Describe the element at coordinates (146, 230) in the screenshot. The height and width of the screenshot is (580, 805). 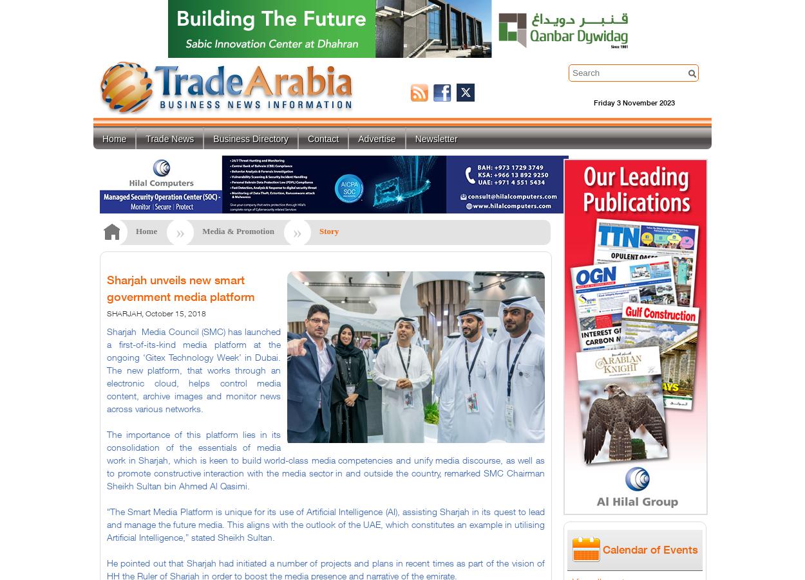
I see `'Home'` at that location.